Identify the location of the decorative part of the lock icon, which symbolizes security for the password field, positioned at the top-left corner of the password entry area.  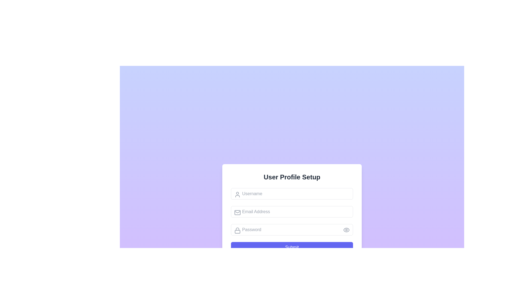
(238, 229).